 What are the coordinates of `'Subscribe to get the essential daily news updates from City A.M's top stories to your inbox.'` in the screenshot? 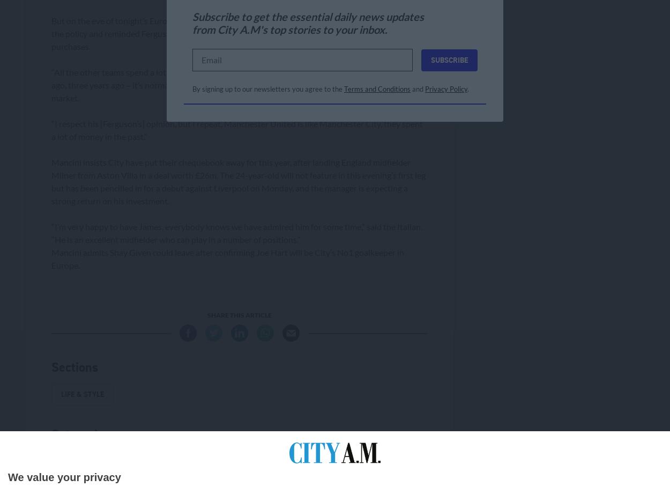 It's located at (308, 23).